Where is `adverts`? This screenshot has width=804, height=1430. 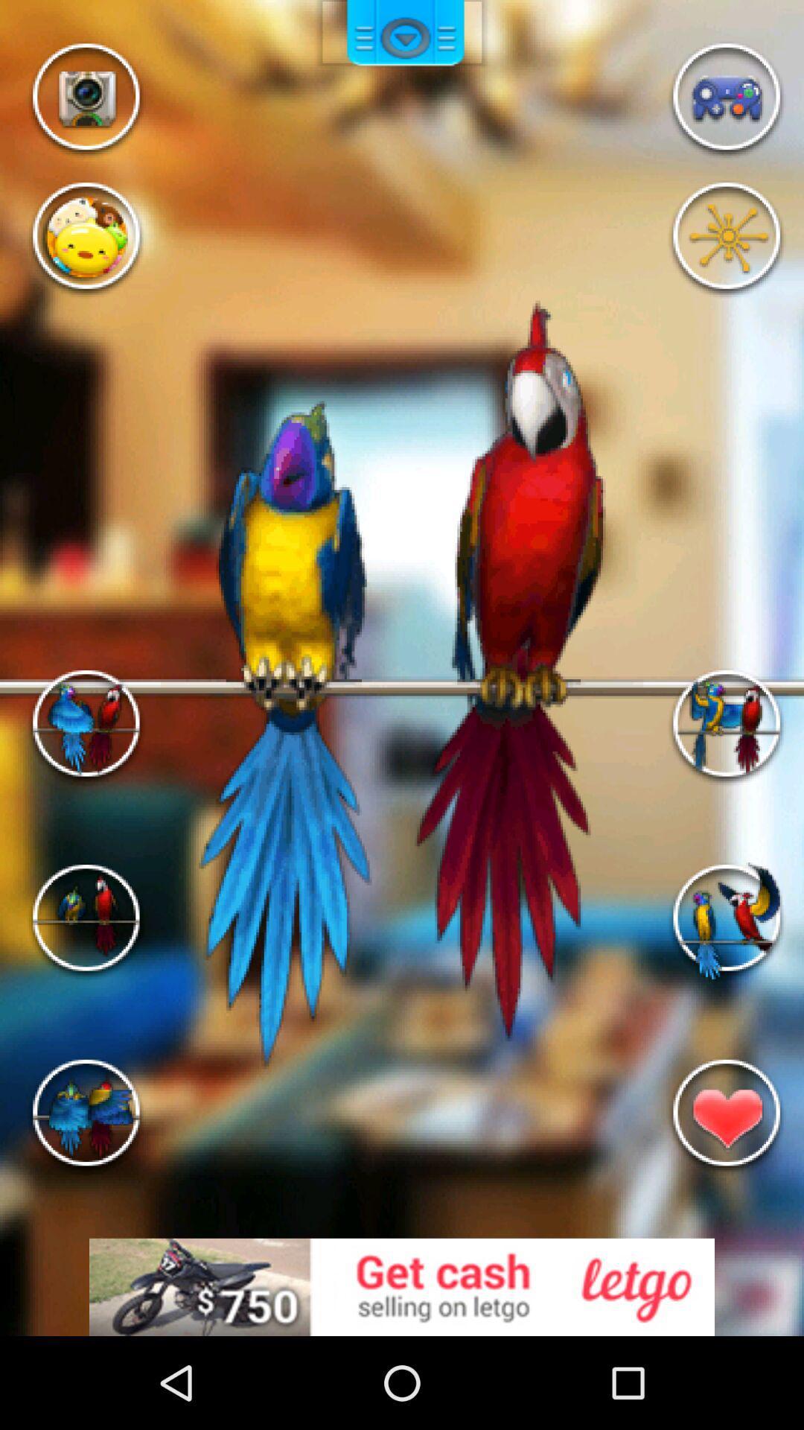
adverts is located at coordinates (402, 1286).